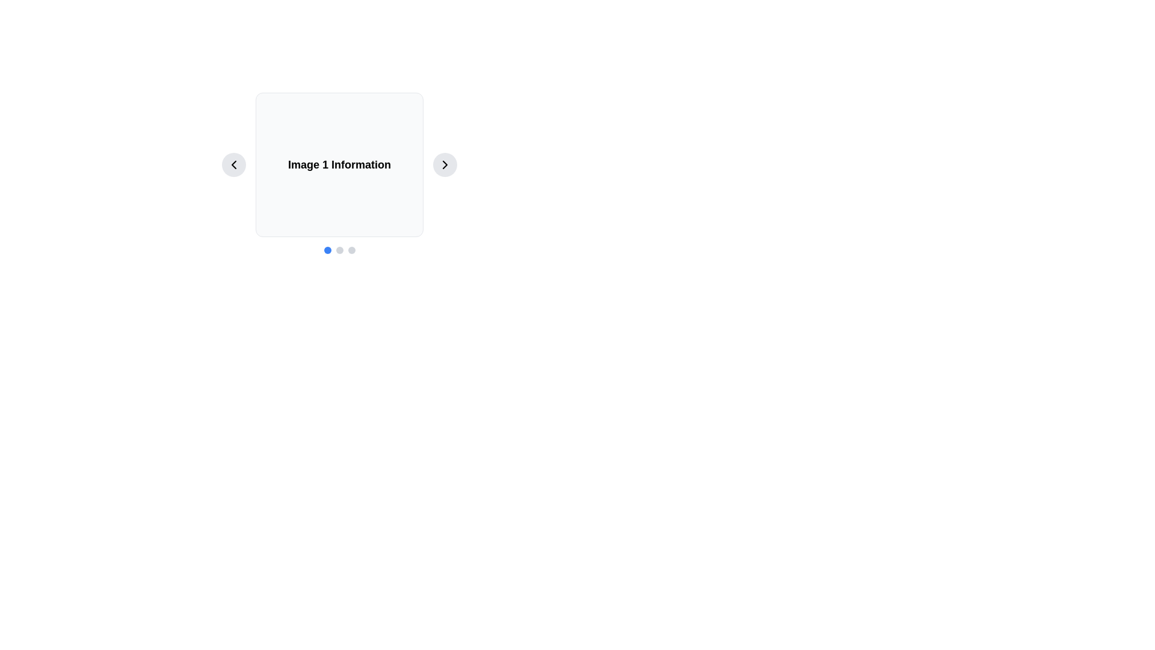 This screenshot has width=1155, height=650. Describe the element at coordinates (339, 250) in the screenshot. I see `the second dot of the navigation indicator` at that location.